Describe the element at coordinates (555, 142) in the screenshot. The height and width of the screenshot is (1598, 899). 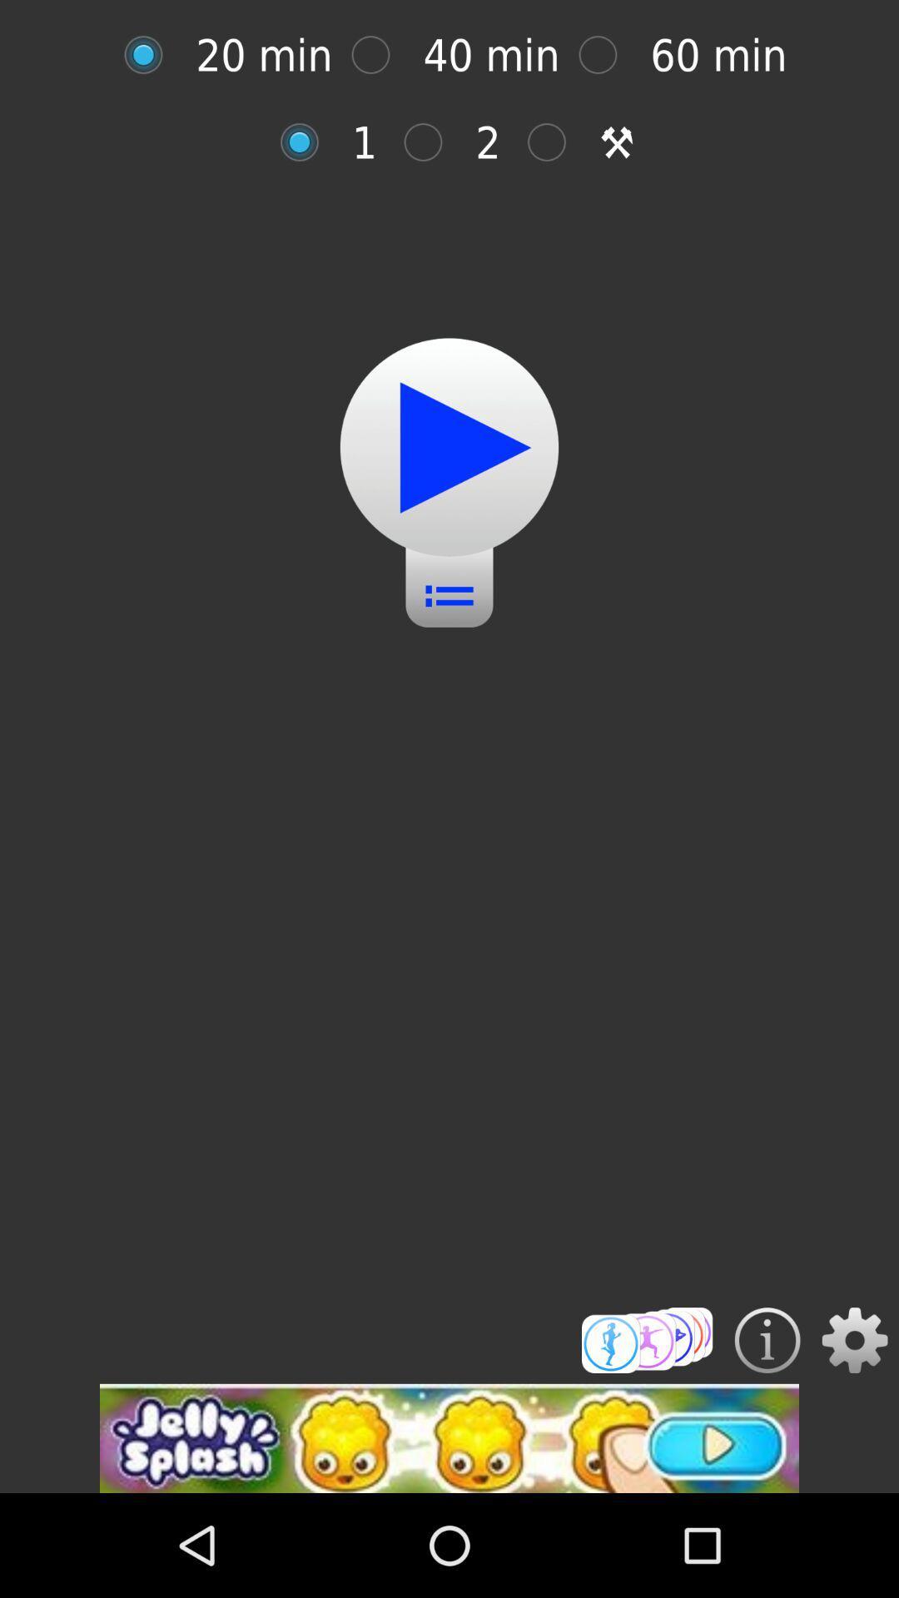
I see `next` at that location.